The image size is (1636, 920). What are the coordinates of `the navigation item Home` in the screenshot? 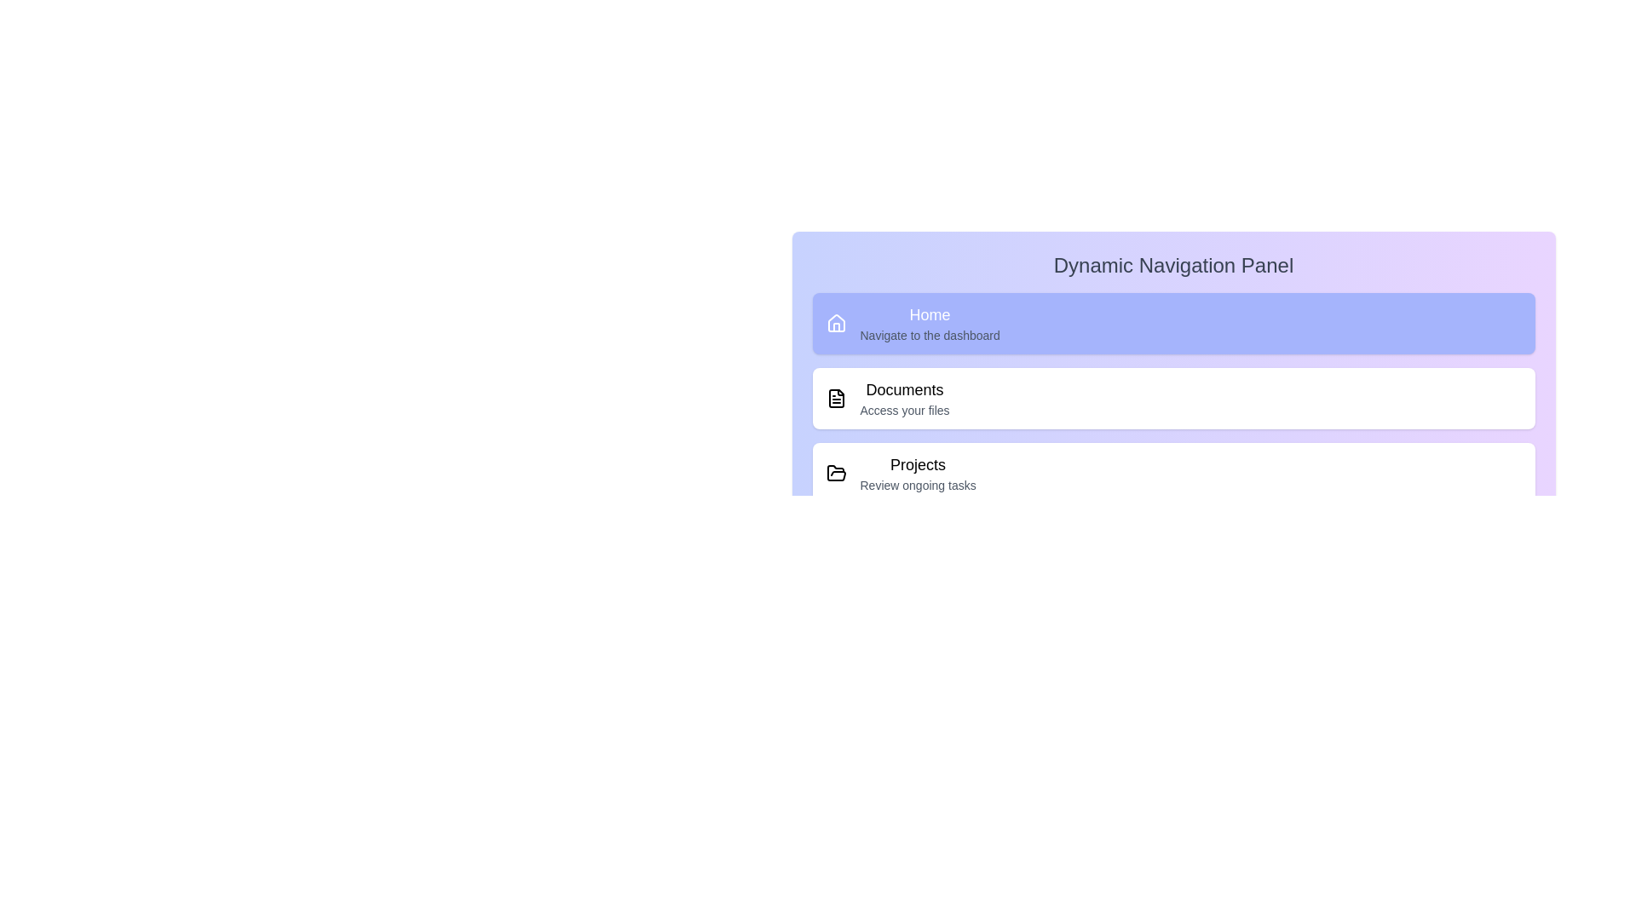 It's located at (1172, 324).